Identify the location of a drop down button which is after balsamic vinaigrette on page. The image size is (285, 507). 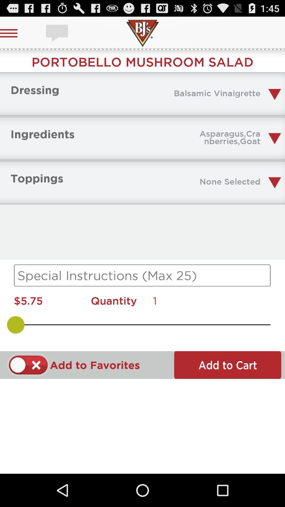
(274, 95).